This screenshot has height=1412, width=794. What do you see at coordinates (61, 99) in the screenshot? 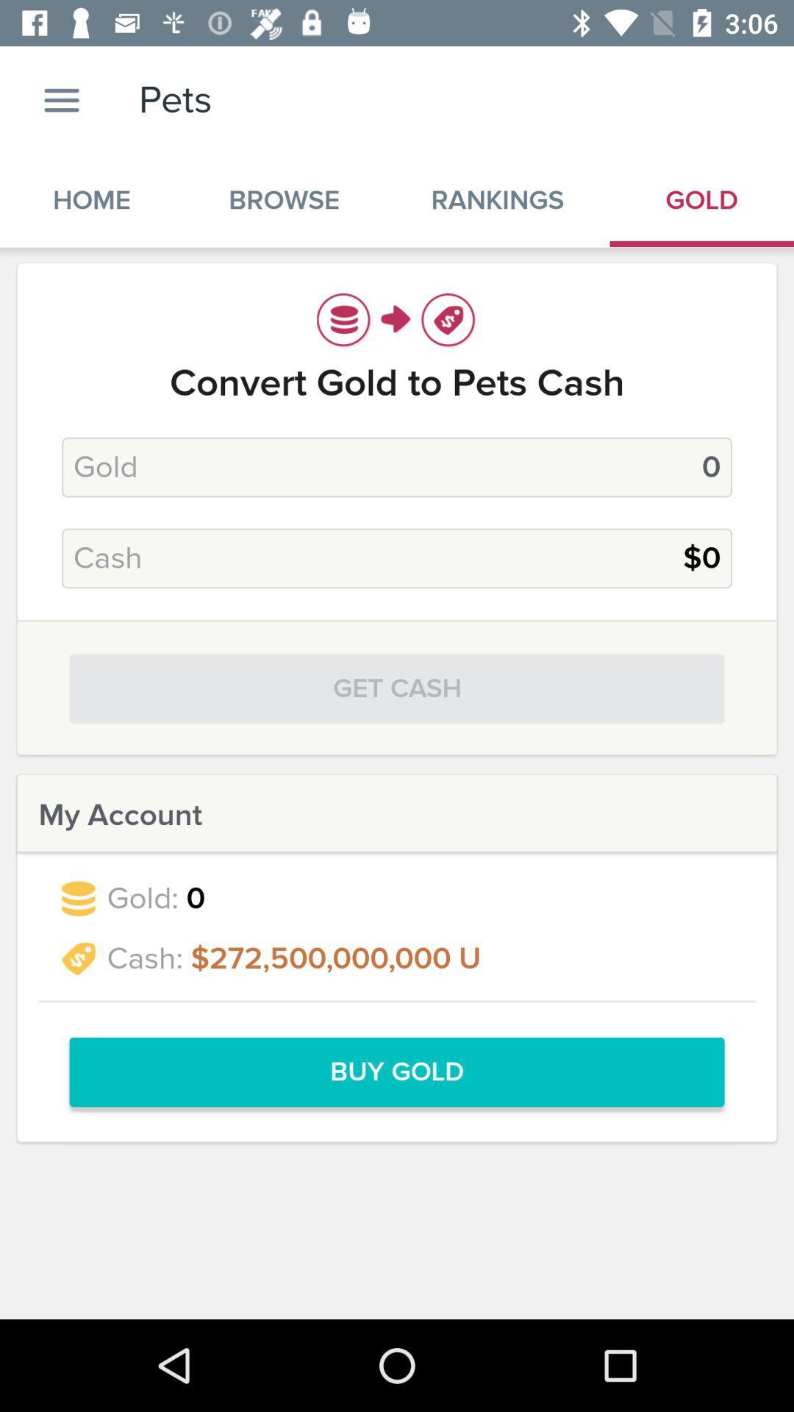
I see `the app to the left of the pets item` at bounding box center [61, 99].